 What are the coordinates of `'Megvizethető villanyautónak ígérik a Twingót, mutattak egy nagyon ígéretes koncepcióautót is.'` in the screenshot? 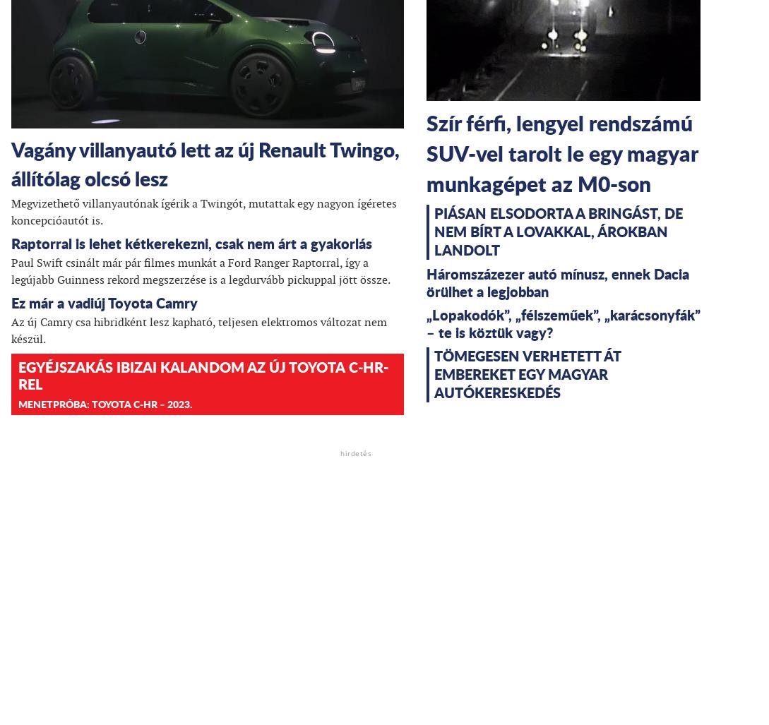 It's located at (203, 210).